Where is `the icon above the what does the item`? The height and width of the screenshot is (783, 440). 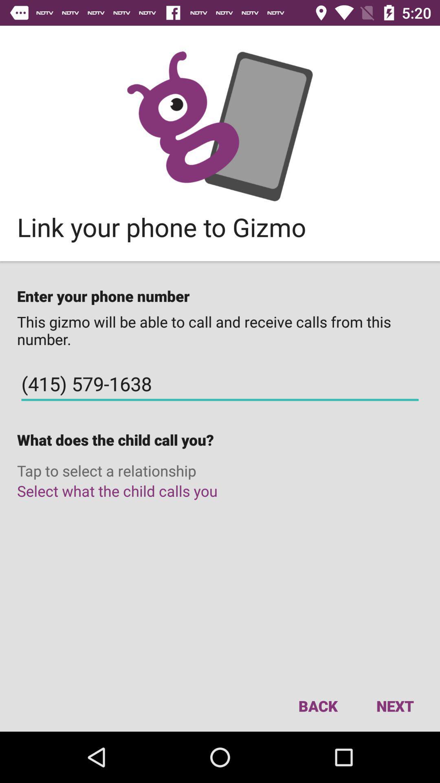 the icon above the what does the item is located at coordinates (220, 383).